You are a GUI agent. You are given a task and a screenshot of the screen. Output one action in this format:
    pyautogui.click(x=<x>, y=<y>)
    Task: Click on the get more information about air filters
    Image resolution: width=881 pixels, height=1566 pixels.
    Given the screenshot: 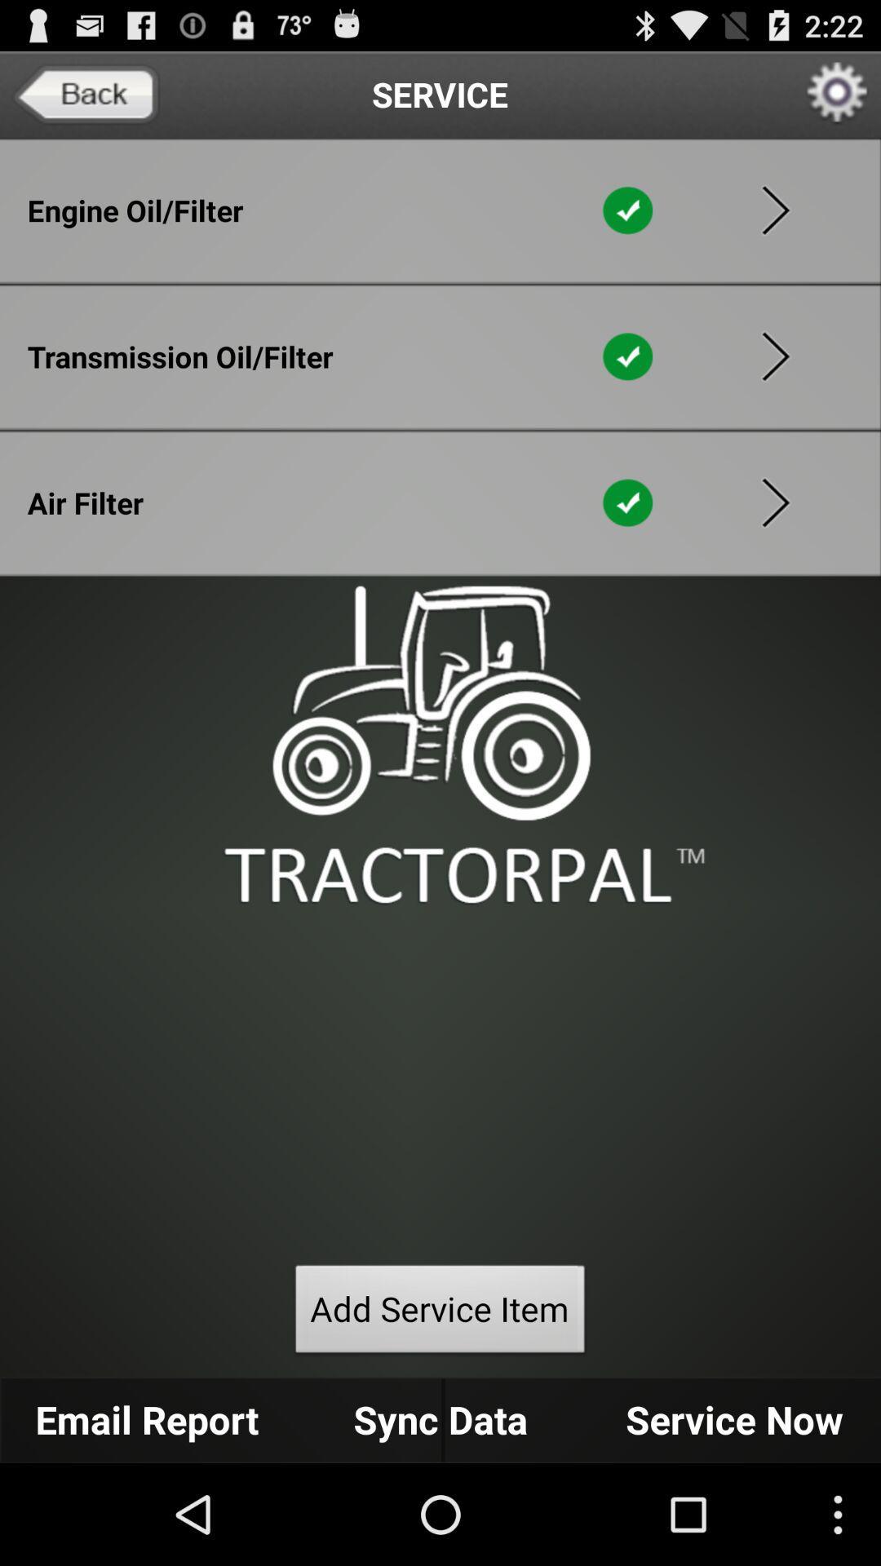 What is the action you would take?
    pyautogui.click(x=775, y=502)
    